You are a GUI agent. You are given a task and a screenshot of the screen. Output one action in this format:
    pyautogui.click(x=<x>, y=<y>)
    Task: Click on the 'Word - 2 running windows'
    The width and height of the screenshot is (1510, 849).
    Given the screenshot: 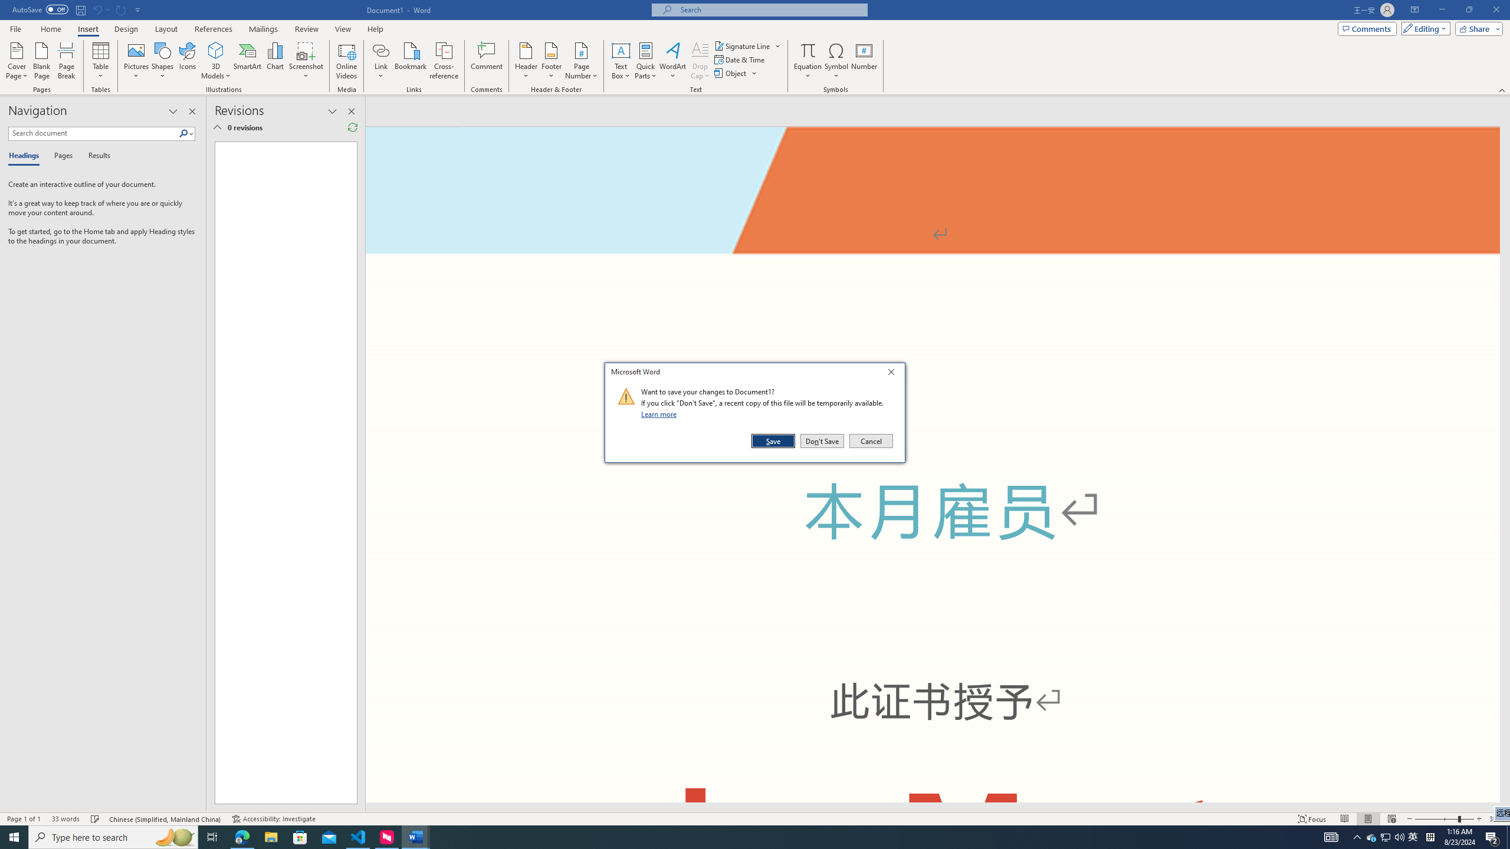 What is the action you would take?
    pyautogui.click(x=416, y=836)
    